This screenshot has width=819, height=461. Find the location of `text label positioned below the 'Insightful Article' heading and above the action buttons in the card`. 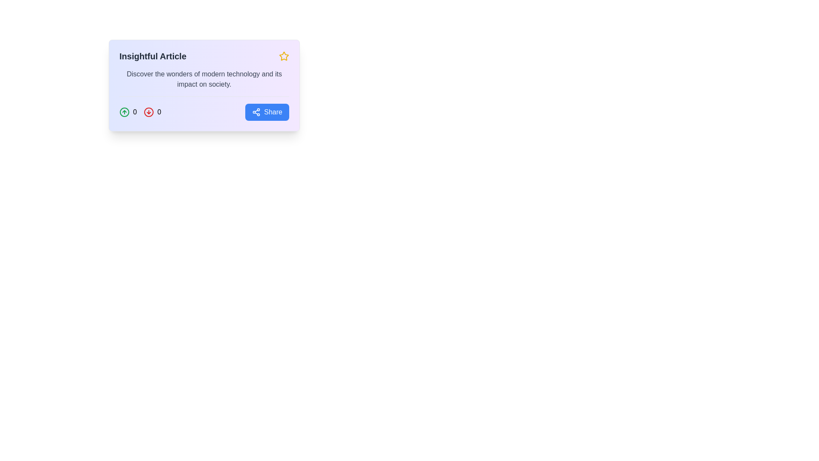

text label positioned below the 'Insightful Article' heading and above the action buttons in the card is located at coordinates (204, 79).